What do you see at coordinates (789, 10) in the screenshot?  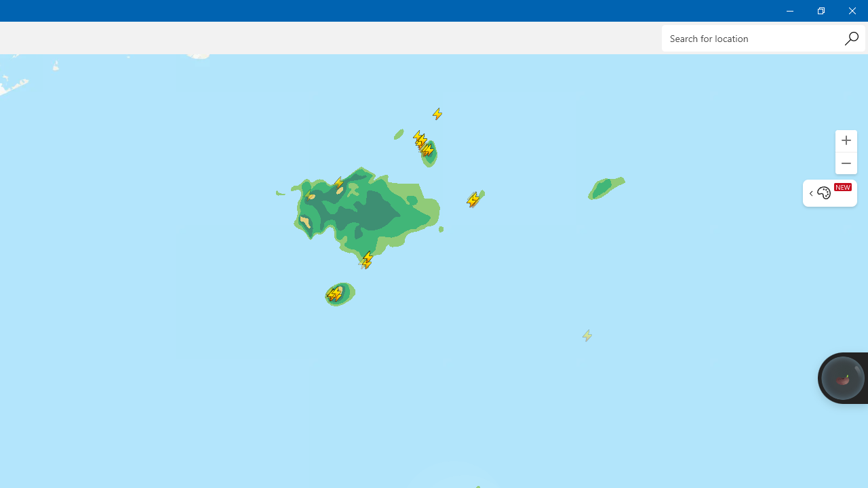 I see `'Minimize Weather'` at bounding box center [789, 10].